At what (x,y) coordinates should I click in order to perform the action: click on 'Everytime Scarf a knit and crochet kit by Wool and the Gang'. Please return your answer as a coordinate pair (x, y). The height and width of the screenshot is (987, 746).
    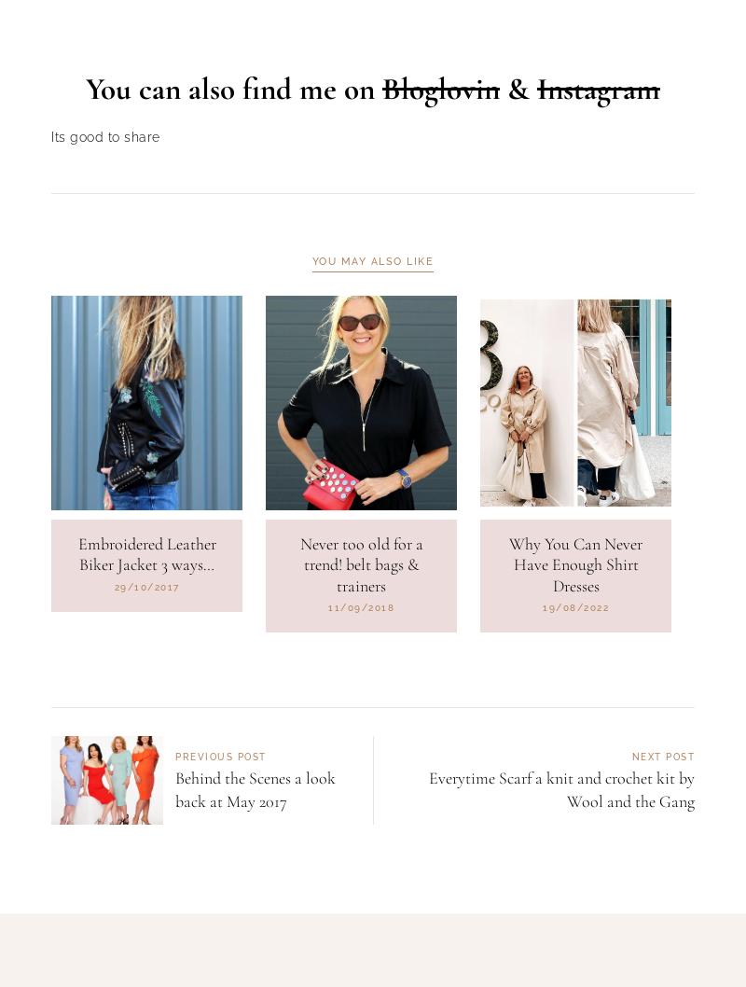
    Looking at the image, I should click on (561, 885).